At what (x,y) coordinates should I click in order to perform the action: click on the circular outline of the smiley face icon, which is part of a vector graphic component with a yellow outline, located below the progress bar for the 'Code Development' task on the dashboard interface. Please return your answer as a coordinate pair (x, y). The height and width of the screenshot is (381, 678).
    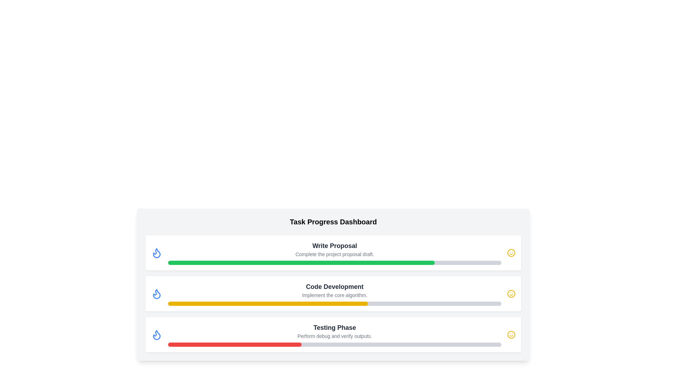
    Looking at the image, I should click on (511, 334).